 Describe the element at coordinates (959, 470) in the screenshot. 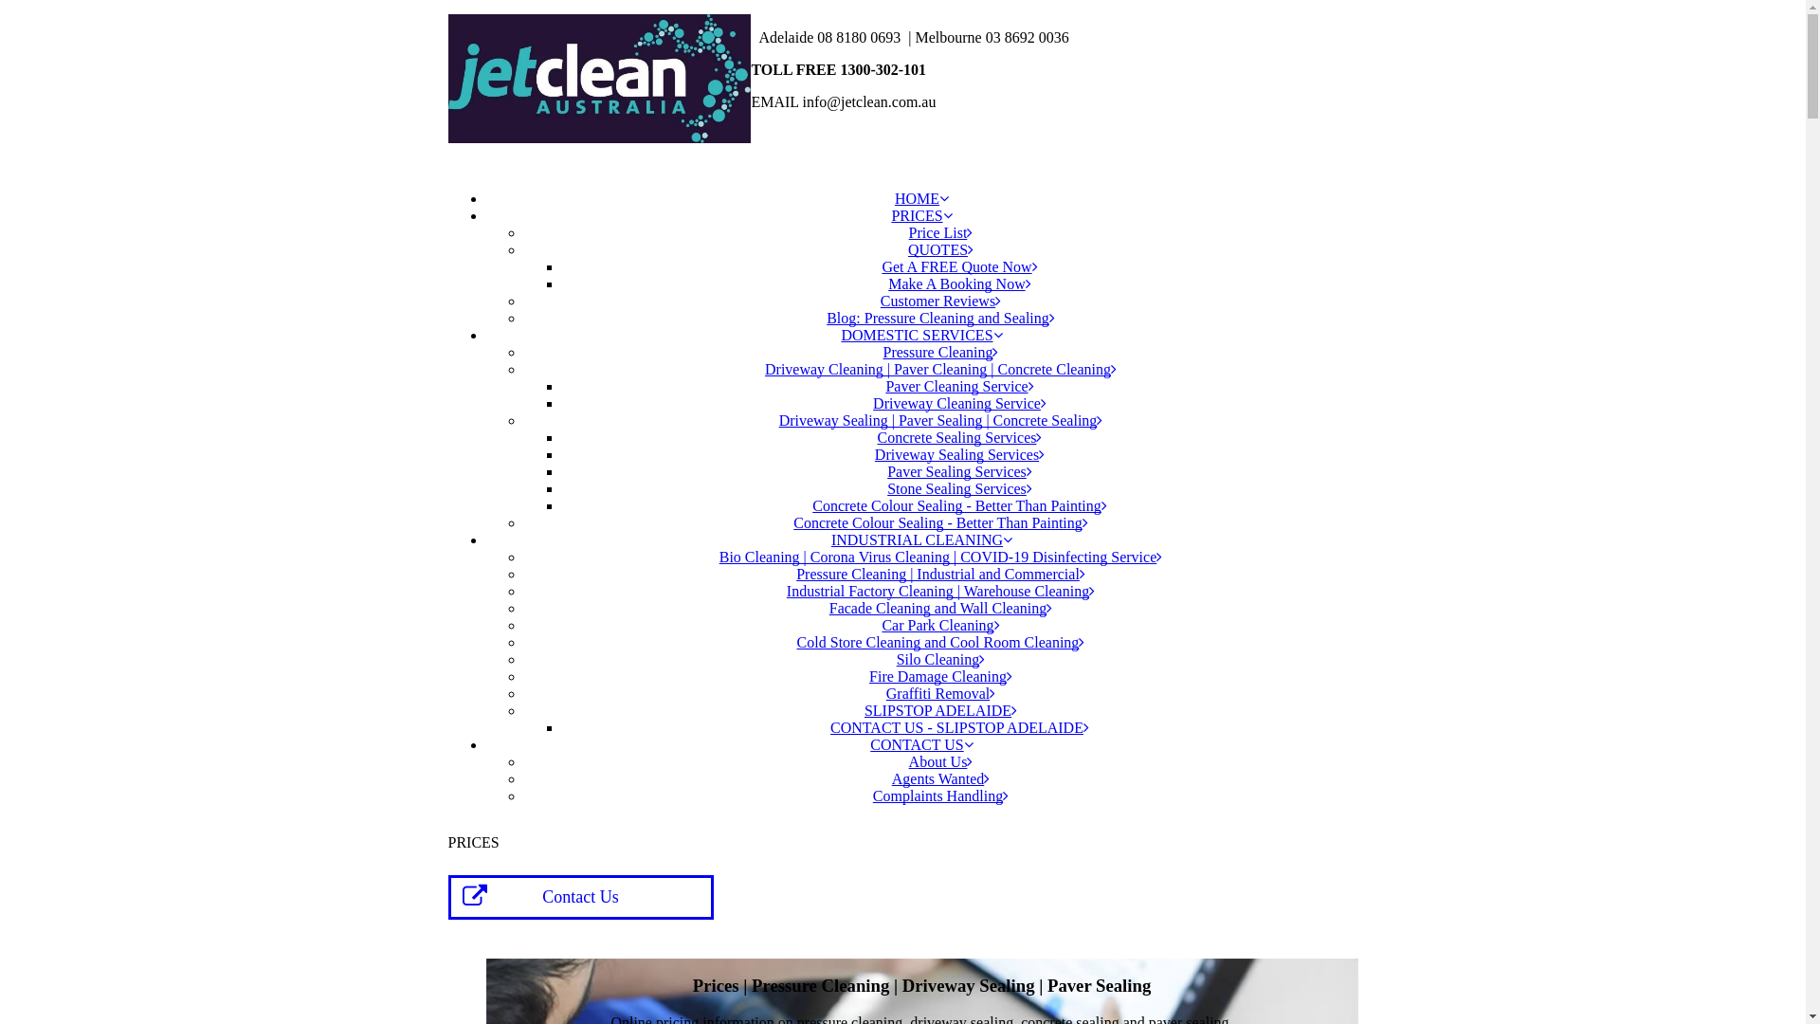

I see `'Paver Sealing Services'` at that location.